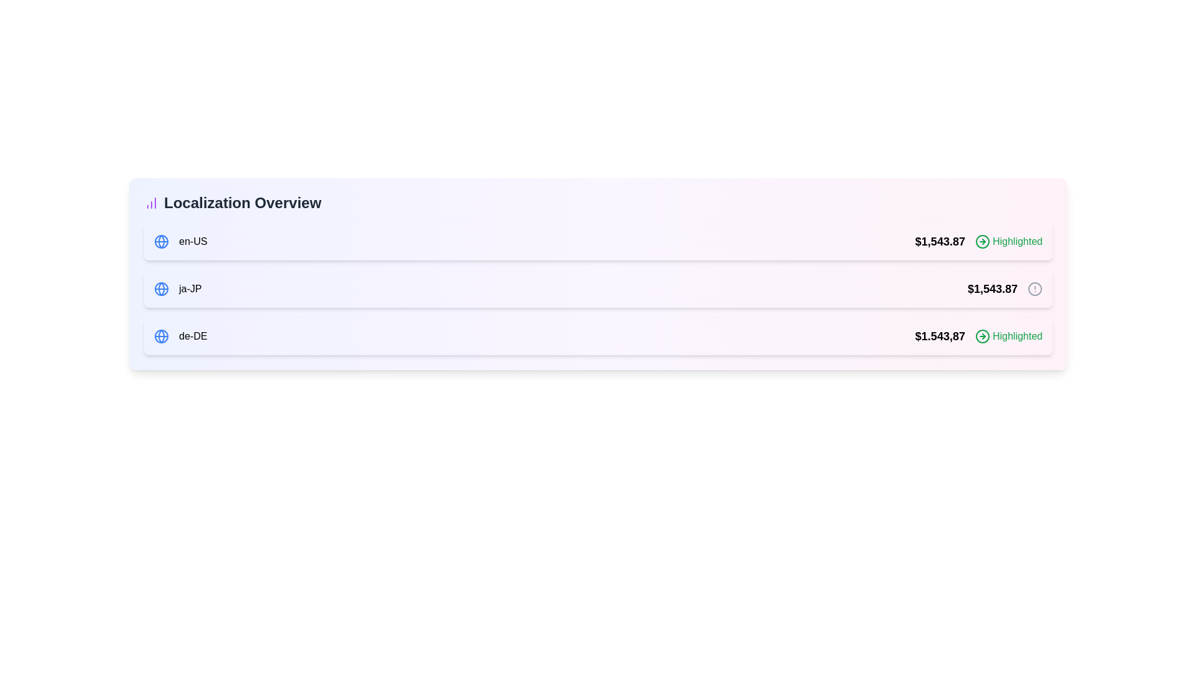 The width and height of the screenshot is (1198, 673). What do you see at coordinates (190, 289) in the screenshot?
I see `the Text Label representing the locale identifier (Japanese - Japan) located in the second row of the 'Localization Overview' section for inspection` at bounding box center [190, 289].